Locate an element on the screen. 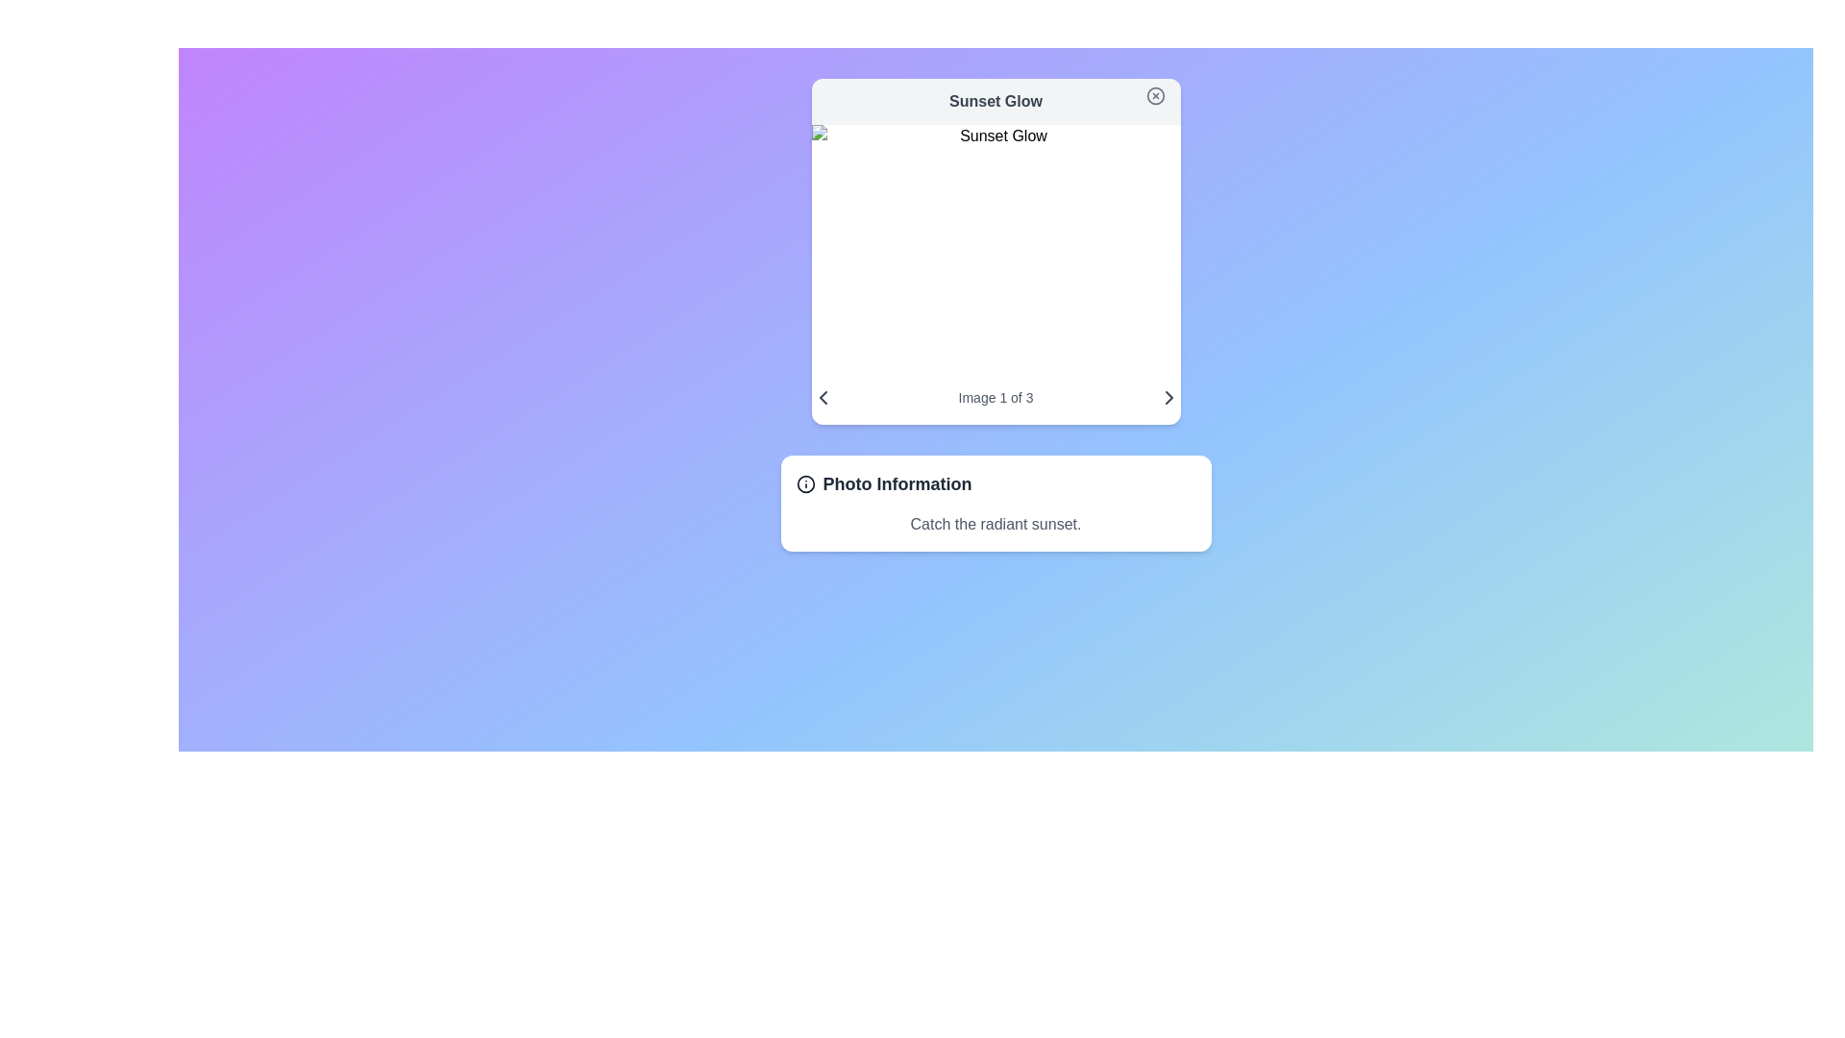 The image size is (1845, 1038). the text label displaying 'Image 1 of 3' in a small, gray font located at the lower center of the card-like interface is located at coordinates (996, 396).